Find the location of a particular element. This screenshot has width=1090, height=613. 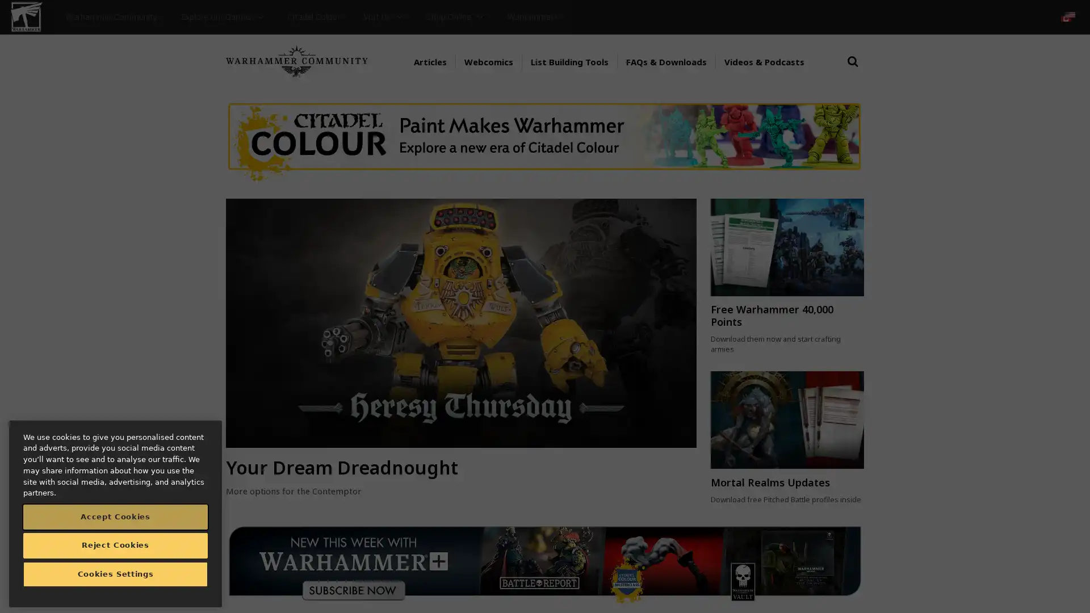

Cookies Settings is located at coordinates (115, 574).